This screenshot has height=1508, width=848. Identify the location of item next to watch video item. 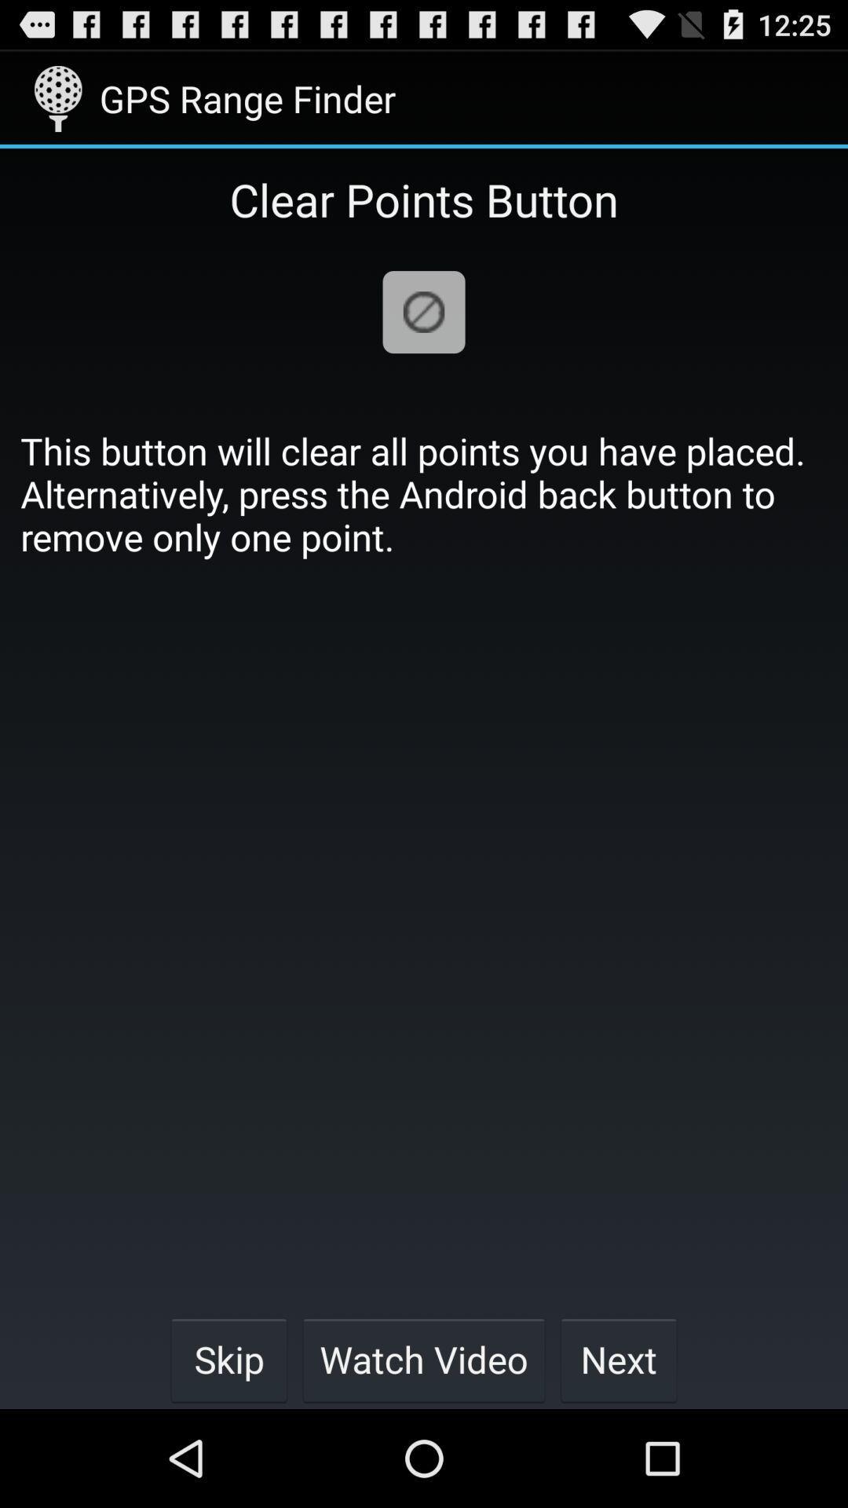
(228, 1359).